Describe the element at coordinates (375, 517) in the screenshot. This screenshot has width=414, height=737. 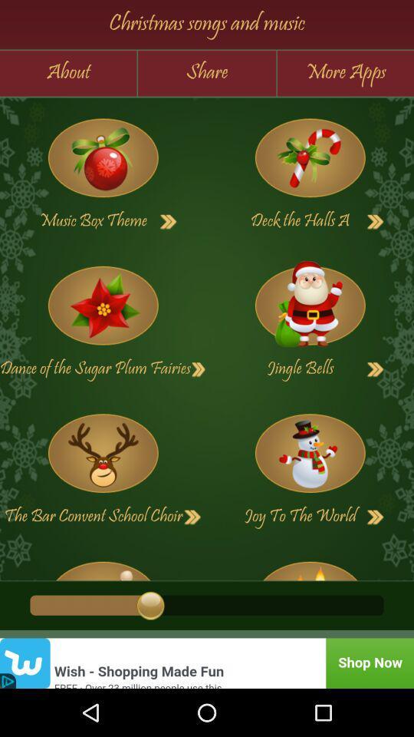
I see `next stage` at that location.